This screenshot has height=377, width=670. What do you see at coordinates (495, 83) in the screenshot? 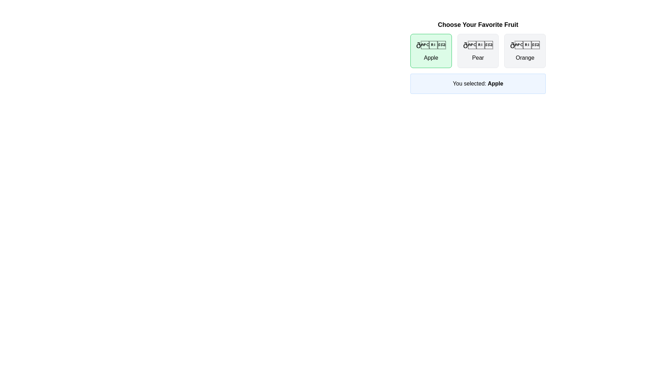
I see `the text label 'Apple' which is styled in bold and highlighted within the sentence 'You selected: Apple'` at bounding box center [495, 83].